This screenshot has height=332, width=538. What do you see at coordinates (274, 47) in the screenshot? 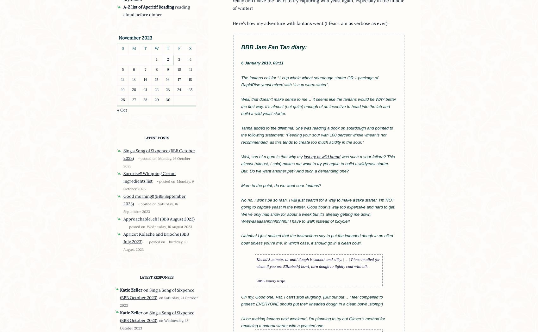
I see `'BBB Jam Fan Tan diary:'` at bounding box center [274, 47].